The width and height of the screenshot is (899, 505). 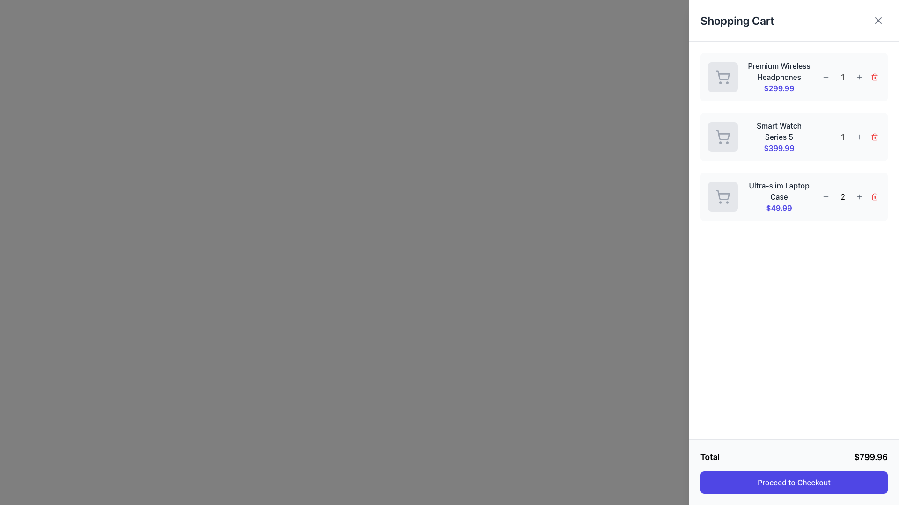 I want to click on the remove button for the 'Ultra-slim Laptop Case' in the shopping cart, so click(x=874, y=196).